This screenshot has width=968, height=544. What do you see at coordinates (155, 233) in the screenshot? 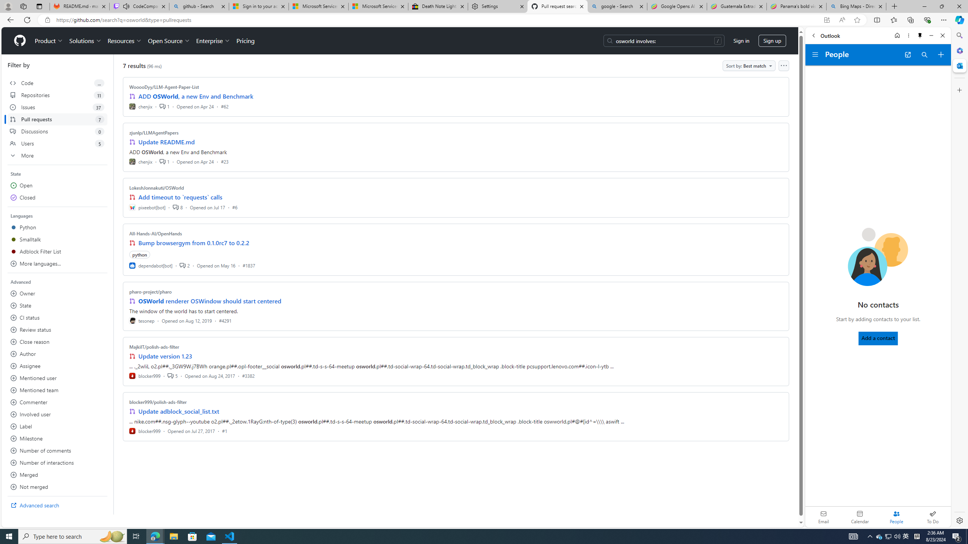
I see `'All-Hands-AI/OpenHands'` at bounding box center [155, 233].